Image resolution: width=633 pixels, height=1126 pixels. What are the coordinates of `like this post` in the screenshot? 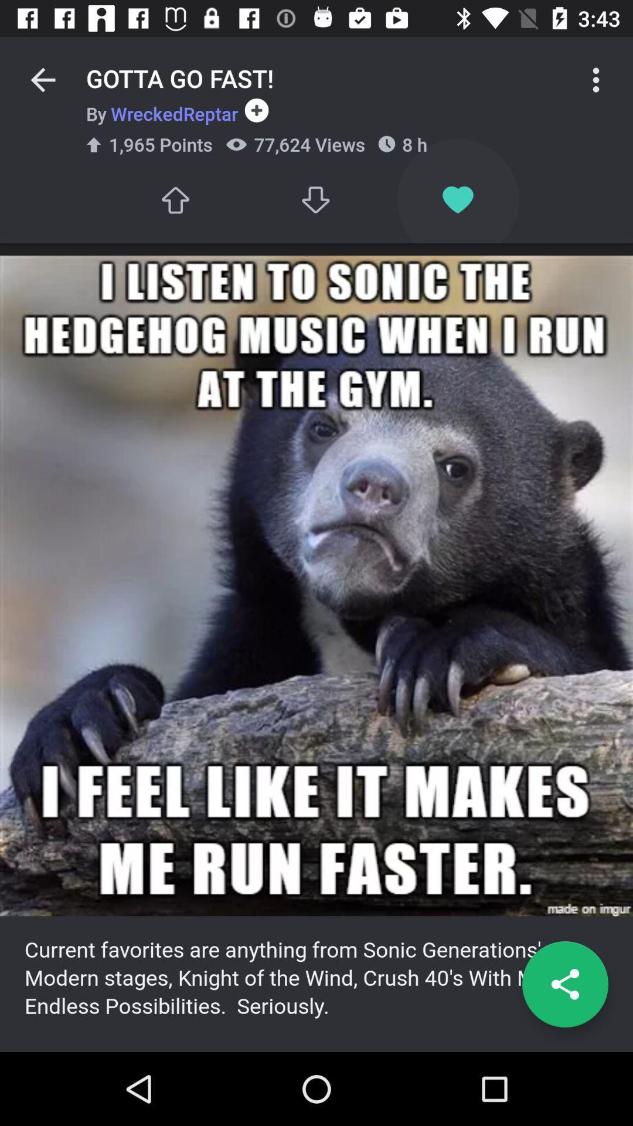 It's located at (457, 200).